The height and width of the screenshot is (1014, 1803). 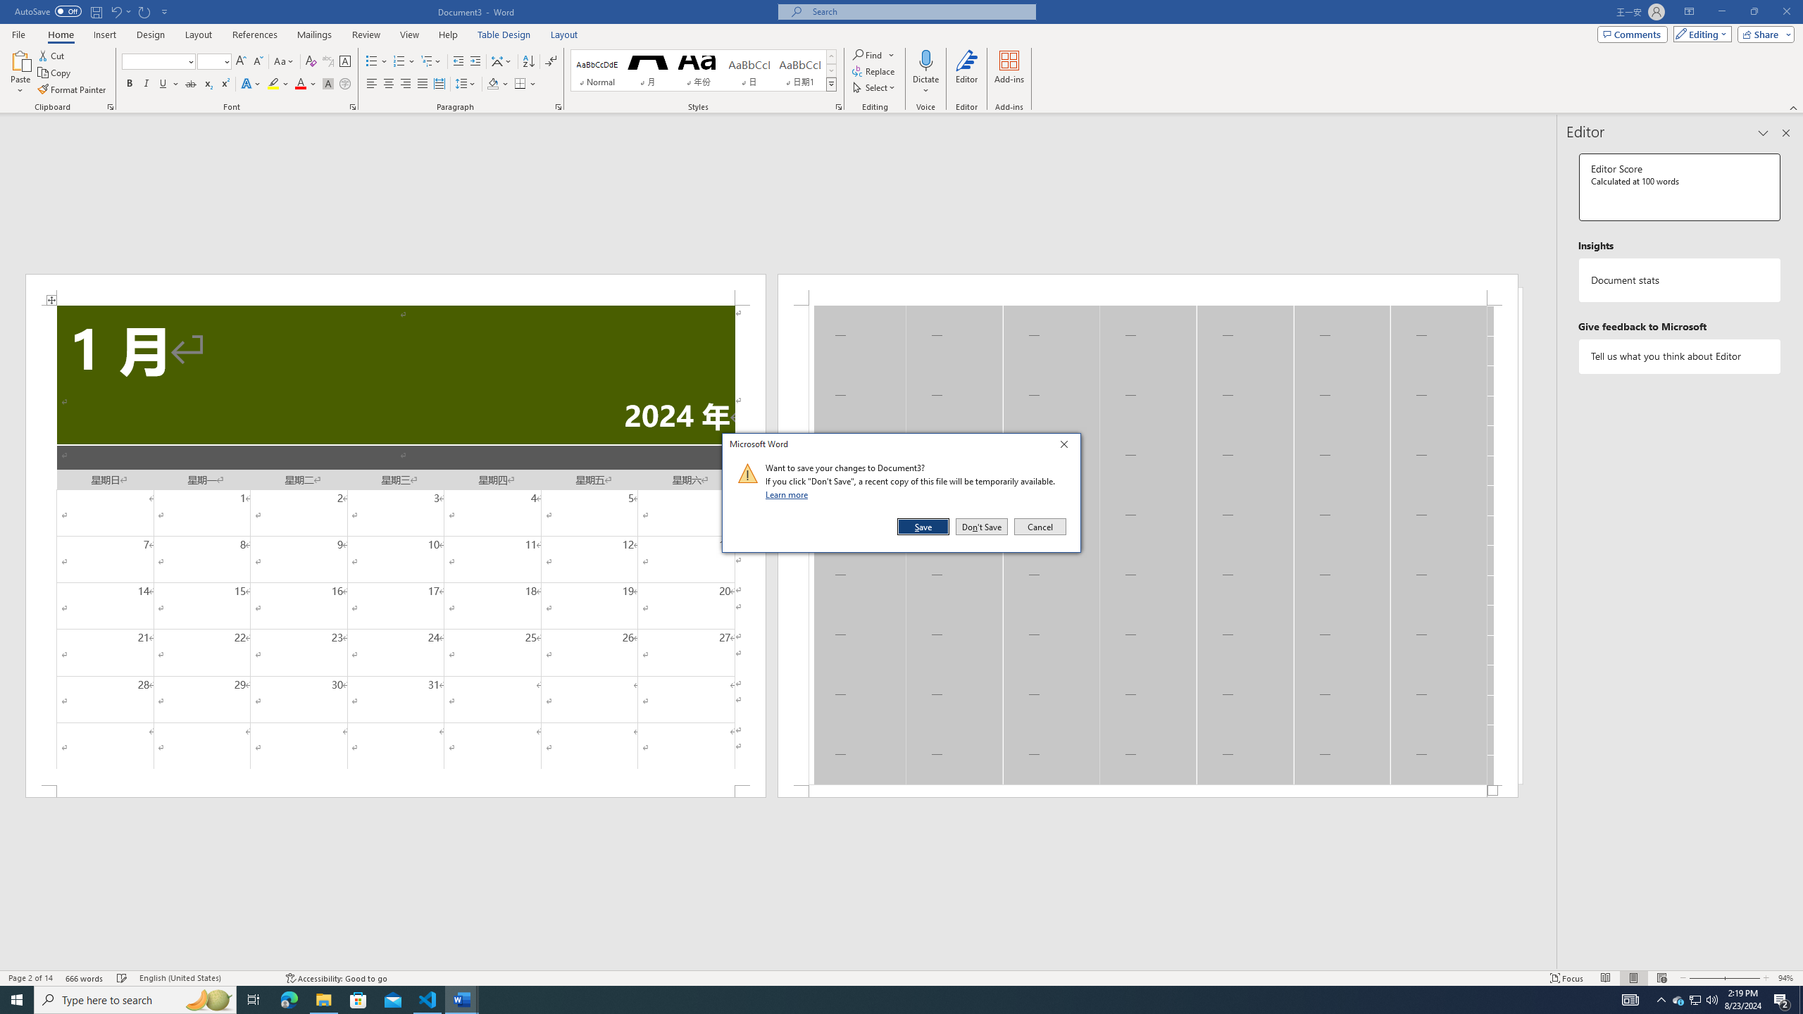 What do you see at coordinates (278, 83) in the screenshot?
I see `'Text Highlight Color'` at bounding box center [278, 83].